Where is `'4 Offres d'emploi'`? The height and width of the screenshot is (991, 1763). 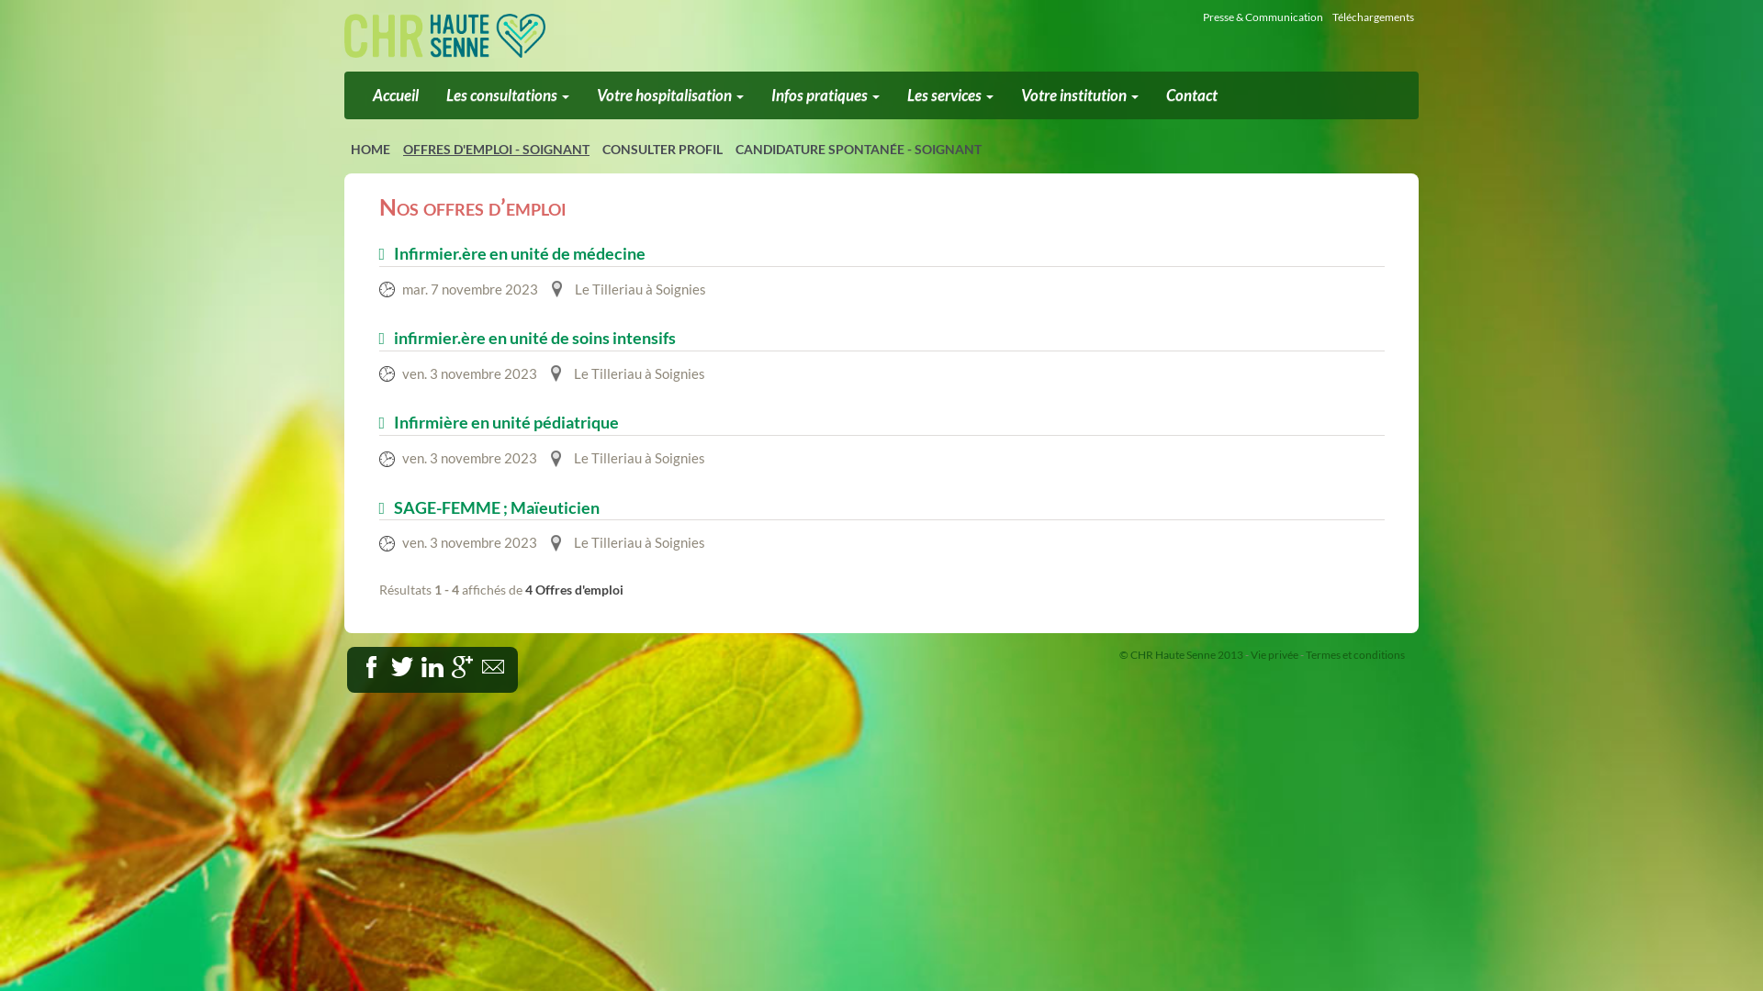 '4 Offres d'emploi' is located at coordinates (523, 589).